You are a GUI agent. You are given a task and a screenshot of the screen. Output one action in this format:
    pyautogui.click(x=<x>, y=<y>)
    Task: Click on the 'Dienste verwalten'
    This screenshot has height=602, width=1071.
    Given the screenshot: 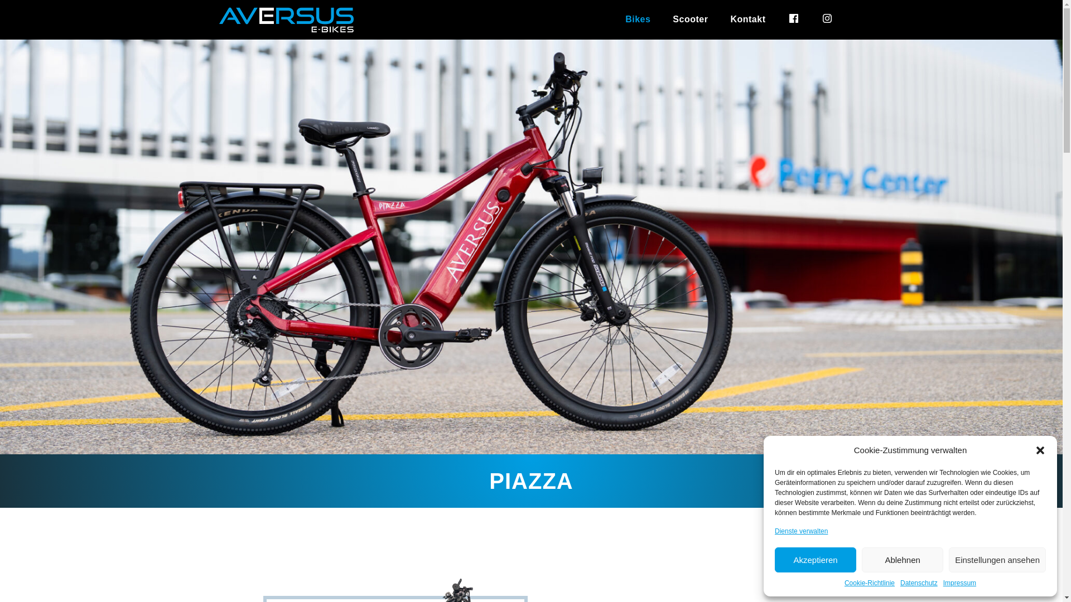 What is the action you would take?
    pyautogui.click(x=800, y=530)
    